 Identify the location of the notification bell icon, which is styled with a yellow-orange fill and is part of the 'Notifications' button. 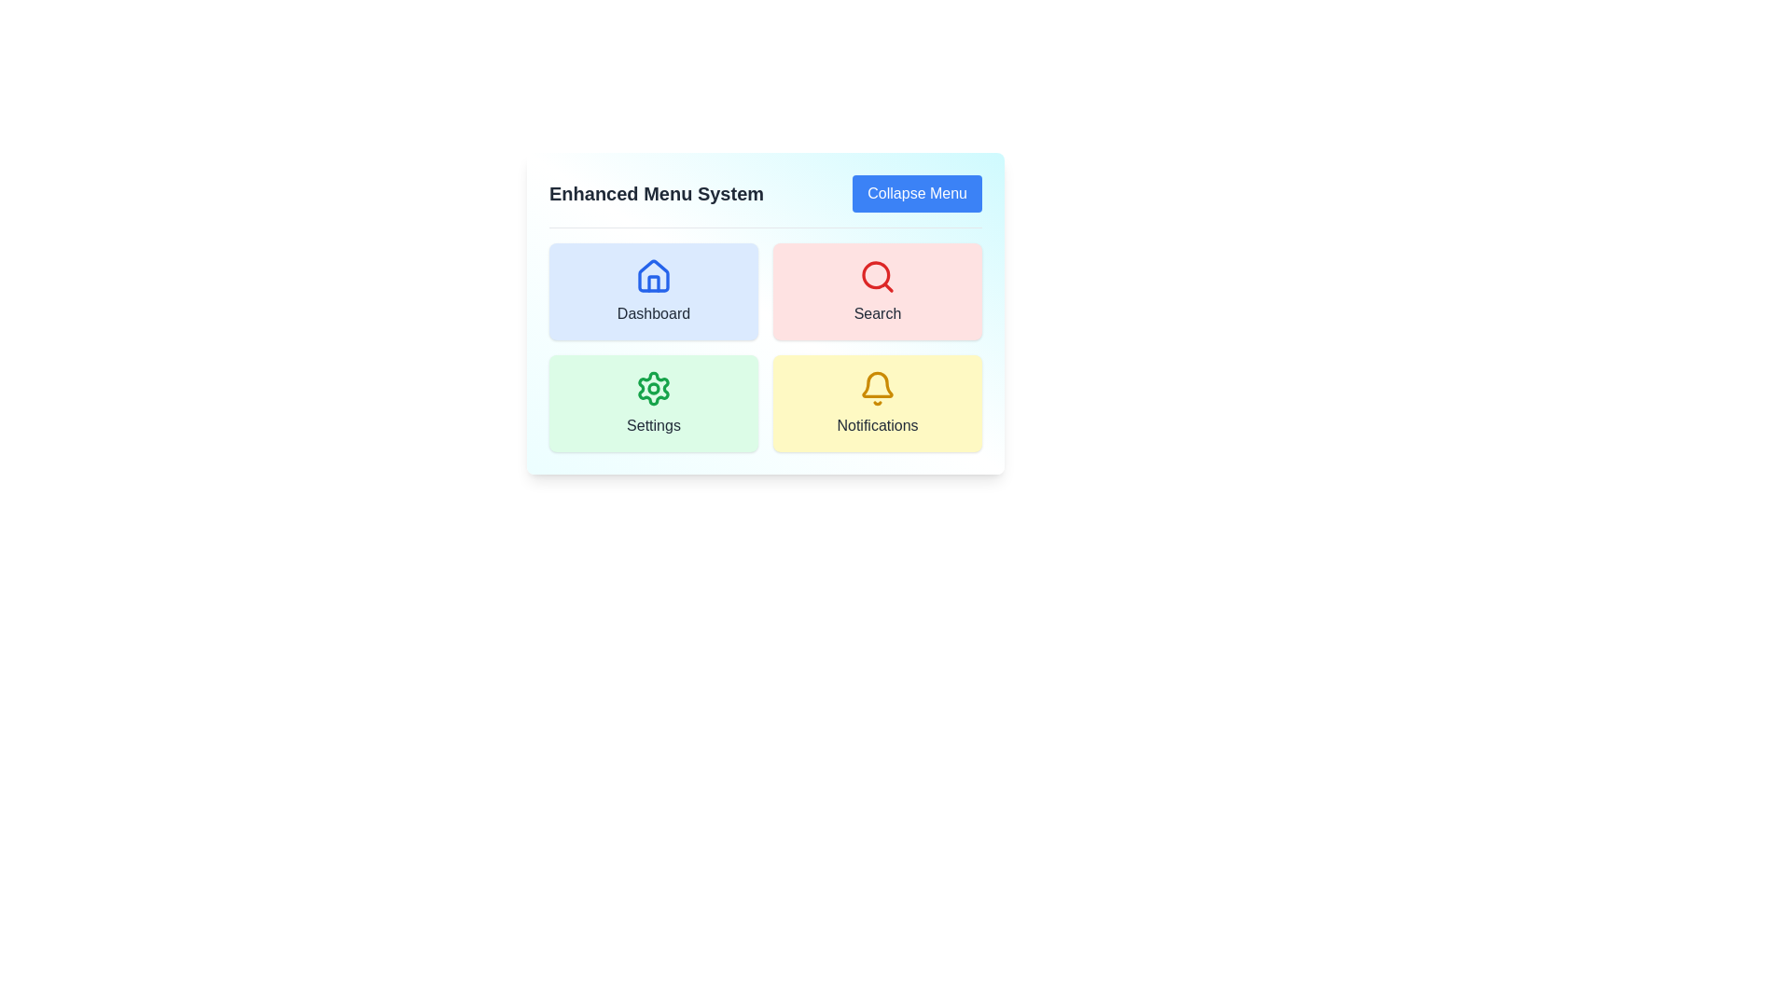
(876, 383).